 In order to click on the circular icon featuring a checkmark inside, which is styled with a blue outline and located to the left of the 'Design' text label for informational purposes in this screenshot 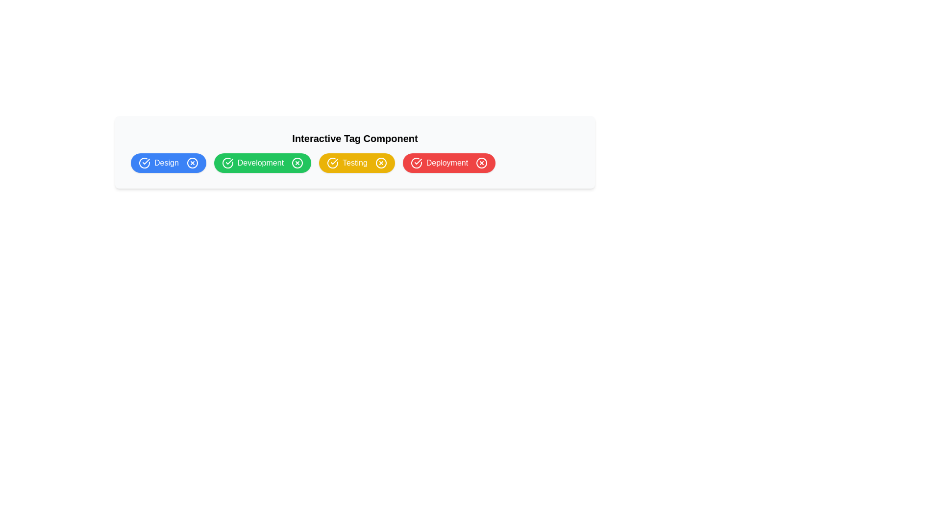, I will do `click(144, 162)`.